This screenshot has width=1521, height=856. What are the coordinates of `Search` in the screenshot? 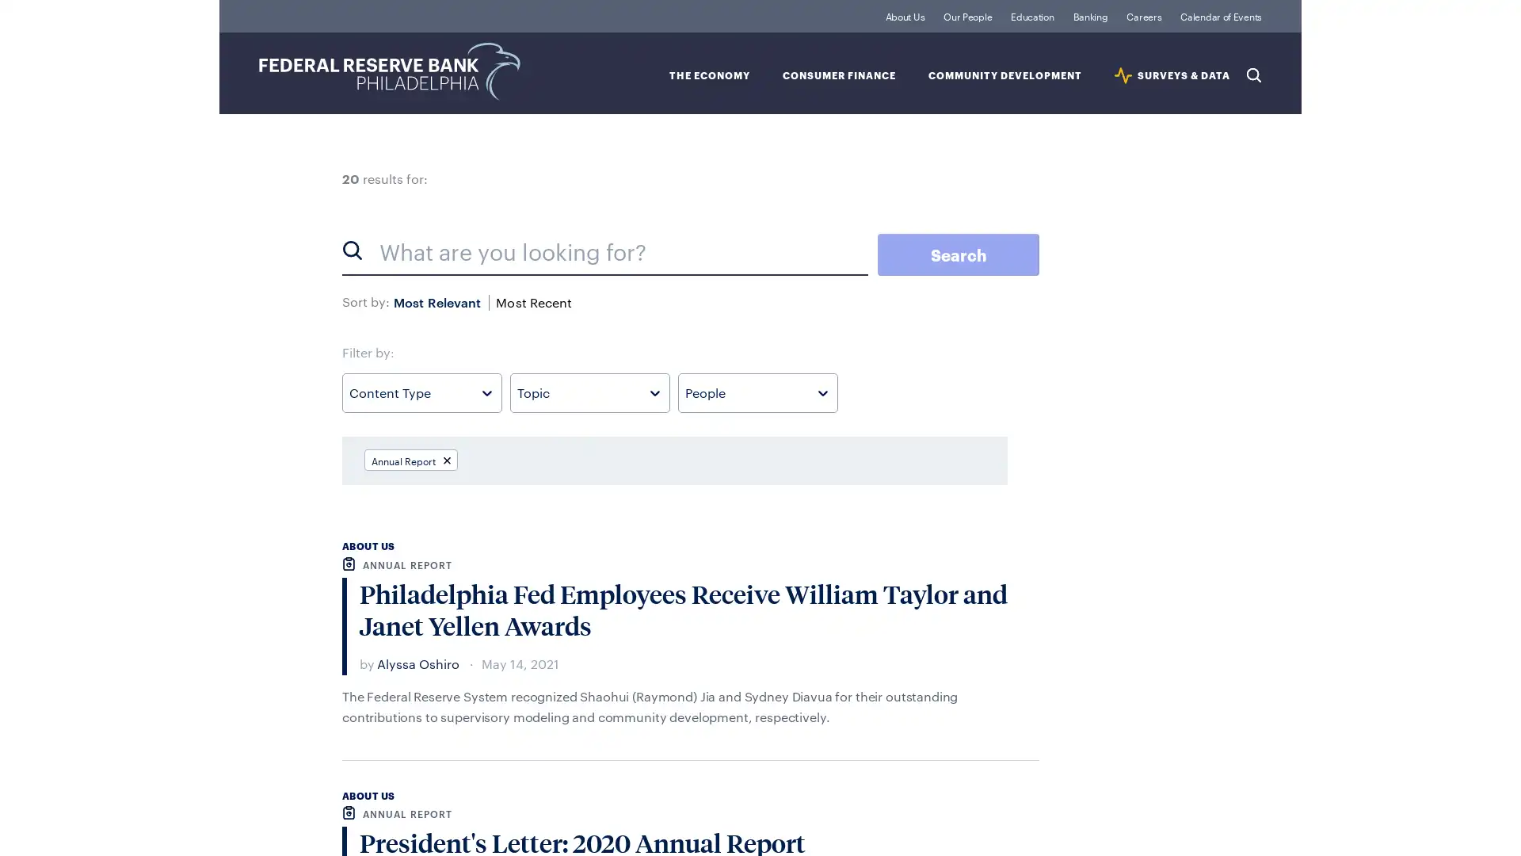 It's located at (1253, 74).